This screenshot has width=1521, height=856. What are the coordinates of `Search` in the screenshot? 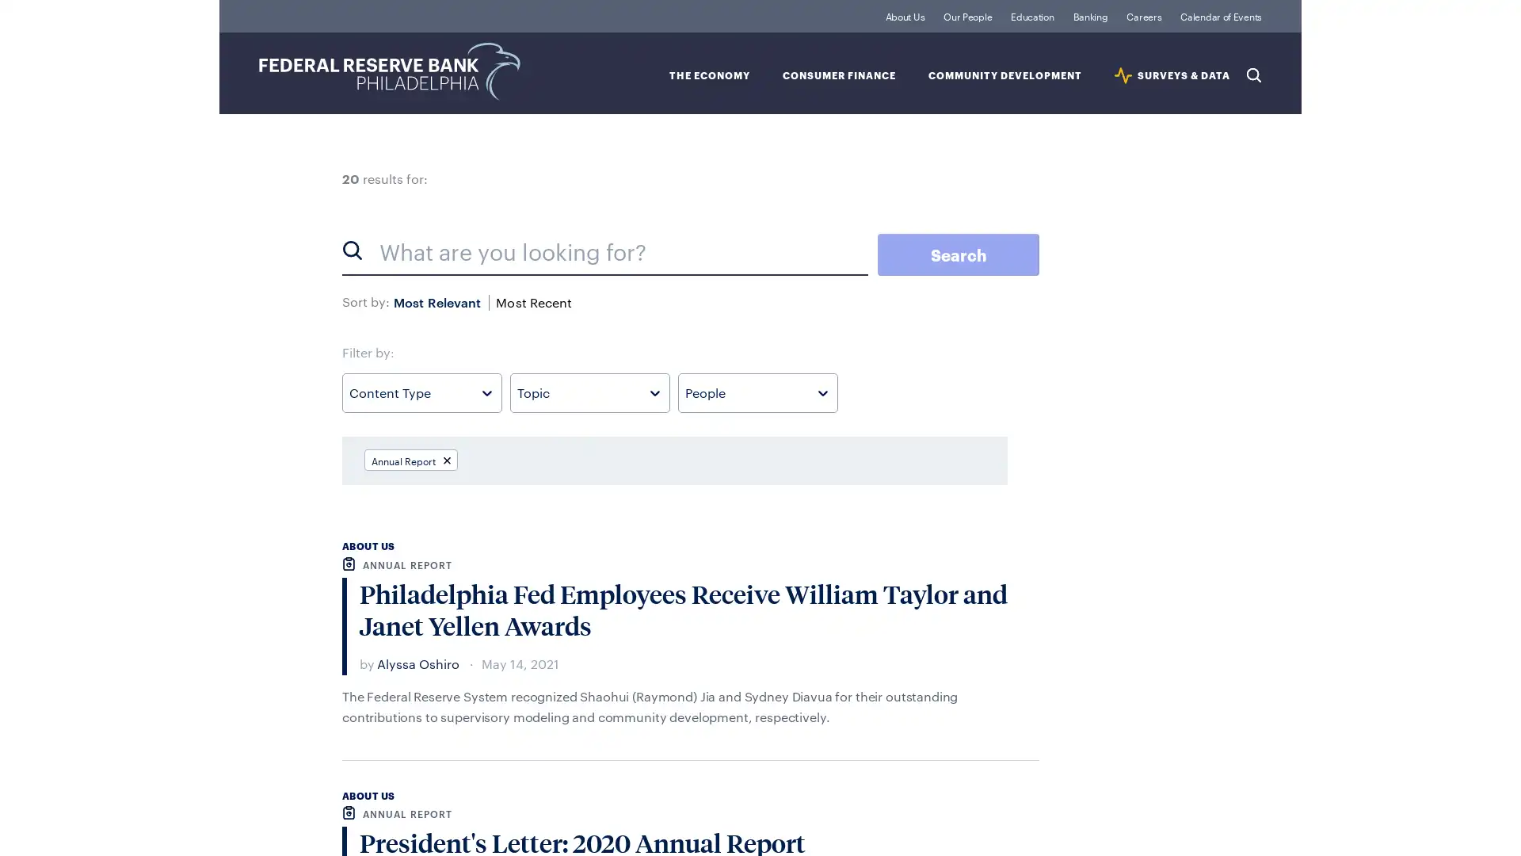 It's located at (1253, 74).